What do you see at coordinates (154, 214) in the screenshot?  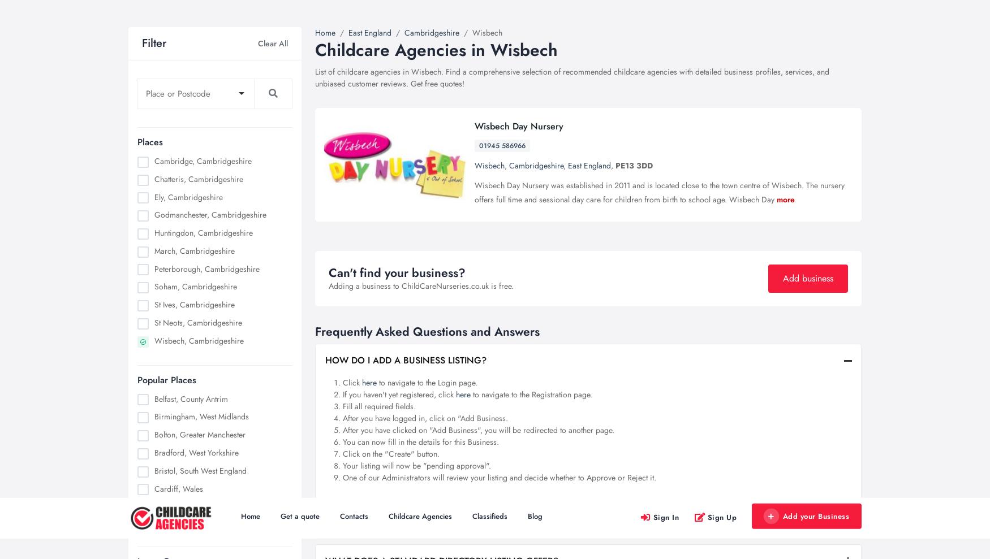 I see `'Plymouth, Devon'` at bounding box center [154, 214].